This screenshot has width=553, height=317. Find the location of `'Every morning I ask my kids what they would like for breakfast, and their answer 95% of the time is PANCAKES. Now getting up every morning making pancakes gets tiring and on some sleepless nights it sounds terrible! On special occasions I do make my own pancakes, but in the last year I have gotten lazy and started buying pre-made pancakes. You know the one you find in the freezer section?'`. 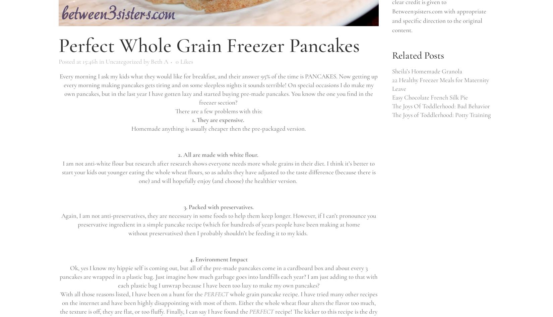

'Every morning I ask my kids what they would like for breakfast, and their answer 95% of the time is PANCAKES. Now getting up every morning making pancakes gets tiring and on some sleepless nights it sounds terrible! On special occasions I do make my own pancakes, but in the last year I have gotten lazy and started buying pre-made pancakes. You know the one you find in the freezer section?' is located at coordinates (60, 89).